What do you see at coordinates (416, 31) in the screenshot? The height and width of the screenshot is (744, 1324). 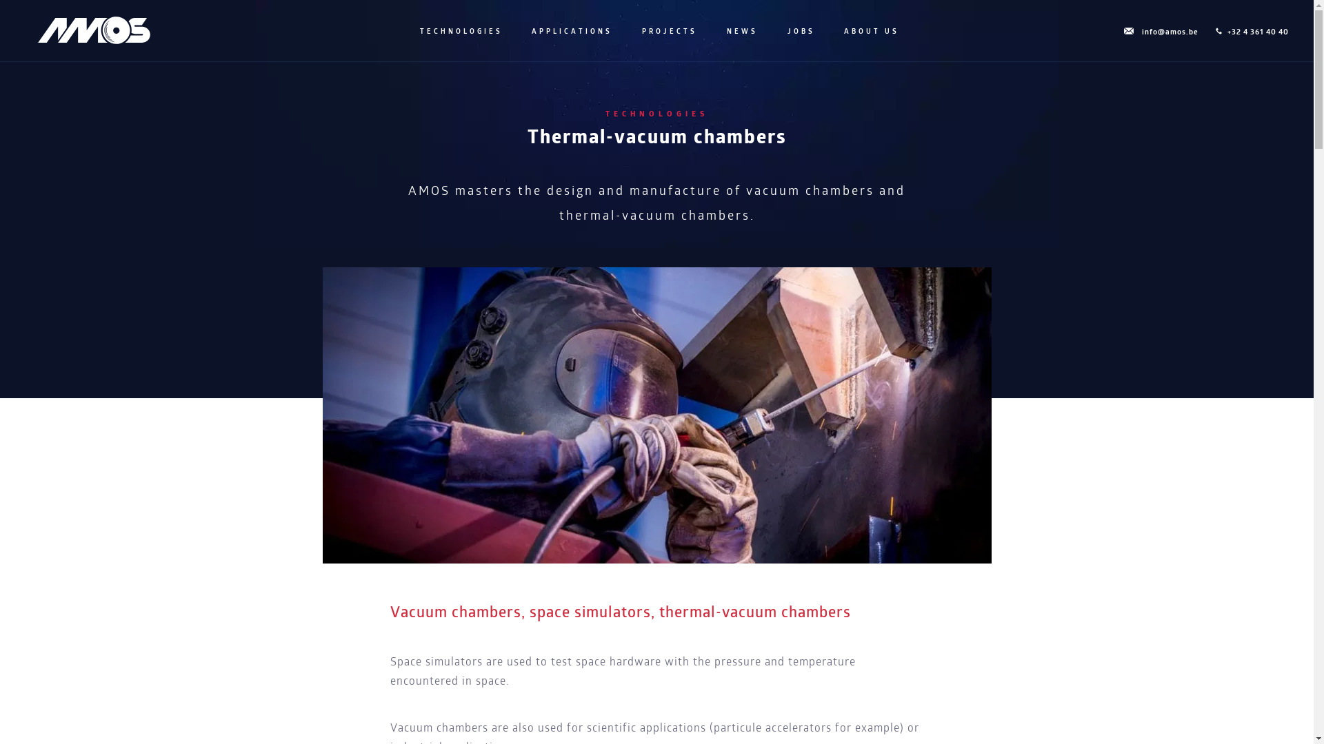 I see `'TECHNOLOGIES'` at bounding box center [416, 31].